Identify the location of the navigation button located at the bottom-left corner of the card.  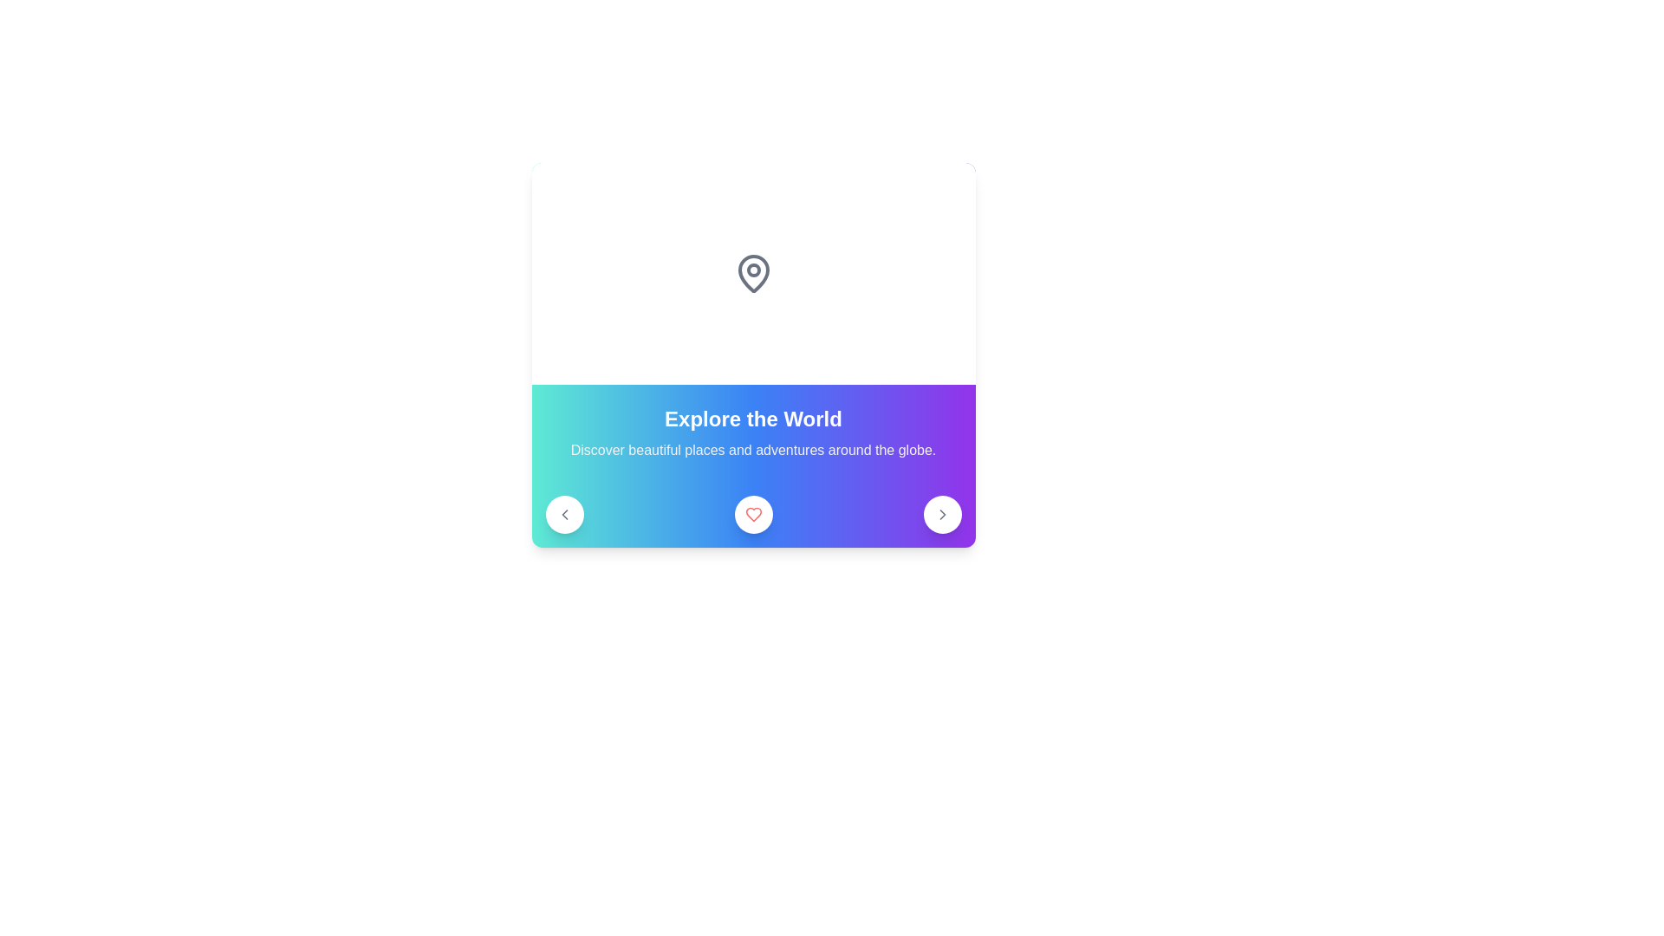
(564, 514).